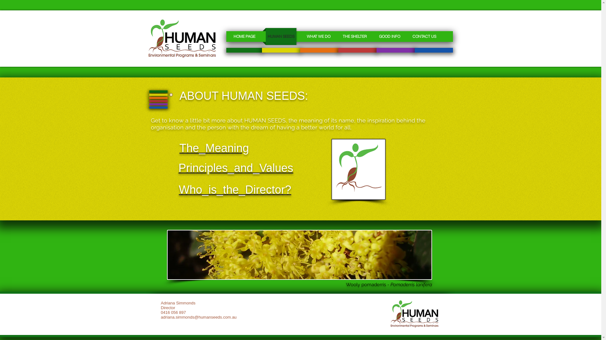  What do you see at coordinates (389, 36) in the screenshot?
I see `'GOOD INFO'` at bounding box center [389, 36].